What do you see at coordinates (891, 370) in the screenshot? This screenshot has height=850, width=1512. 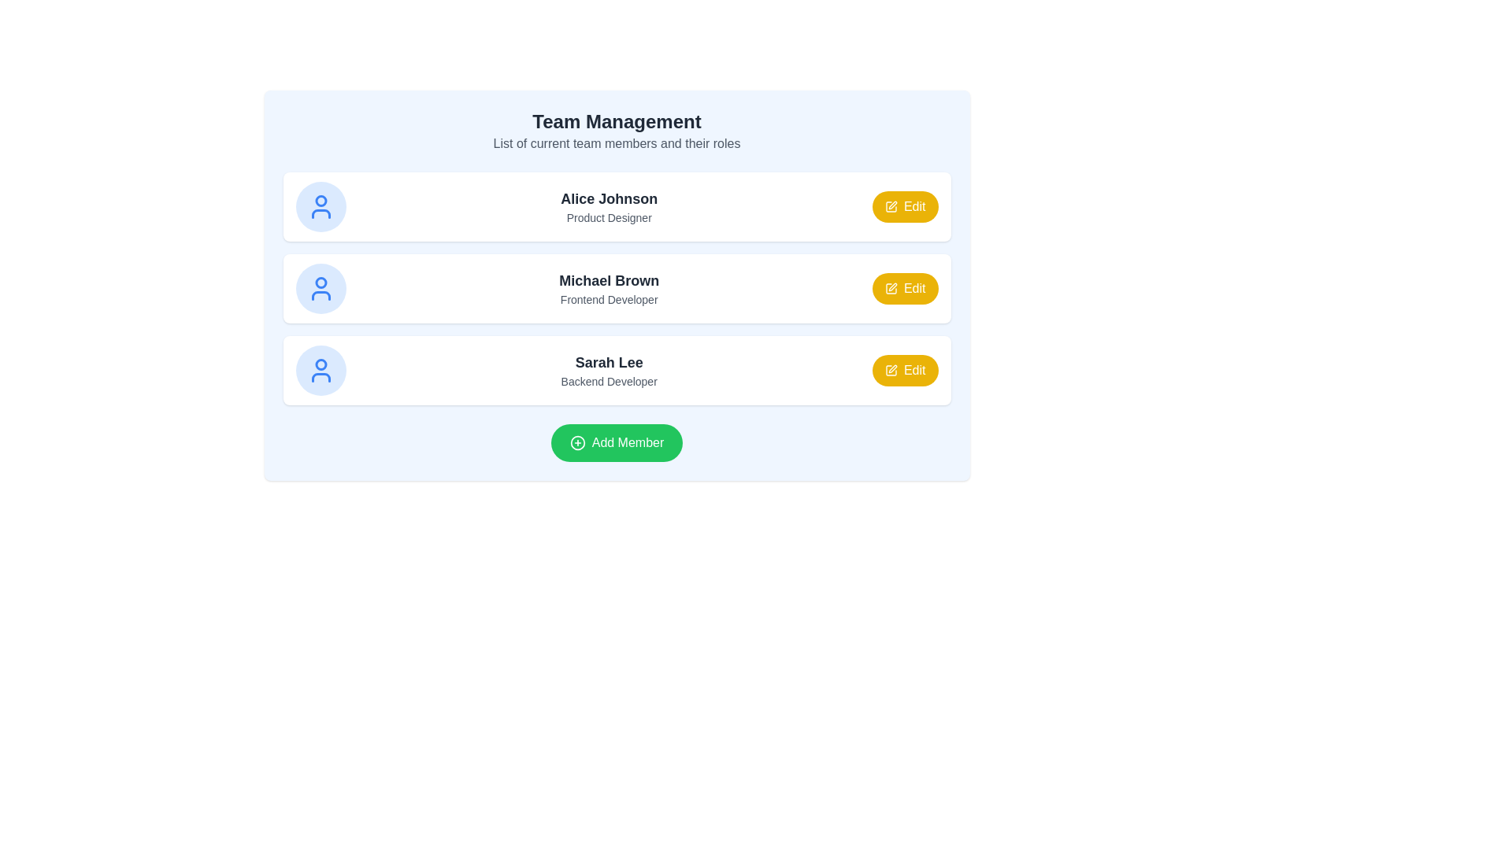 I see `the pen icon inside the 'Edit' button corresponding to 'Sarah Lee'` at bounding box center [891, 370].